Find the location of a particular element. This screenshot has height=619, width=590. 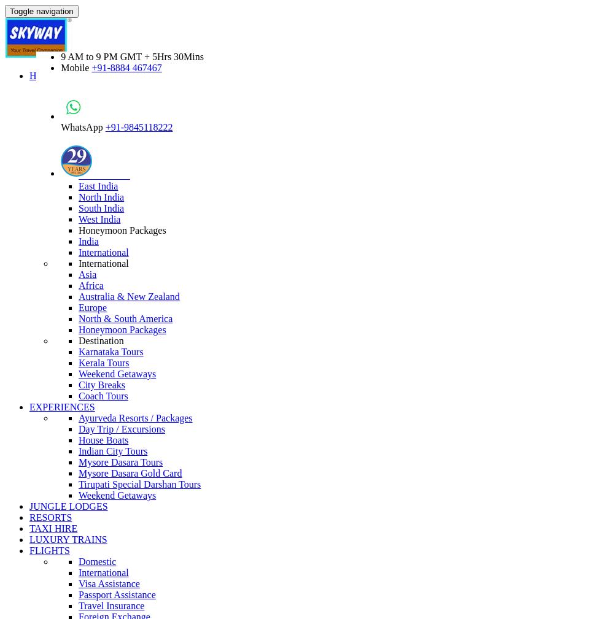

'Mysore Dasara Tours' is located at coordinates (120, 462).